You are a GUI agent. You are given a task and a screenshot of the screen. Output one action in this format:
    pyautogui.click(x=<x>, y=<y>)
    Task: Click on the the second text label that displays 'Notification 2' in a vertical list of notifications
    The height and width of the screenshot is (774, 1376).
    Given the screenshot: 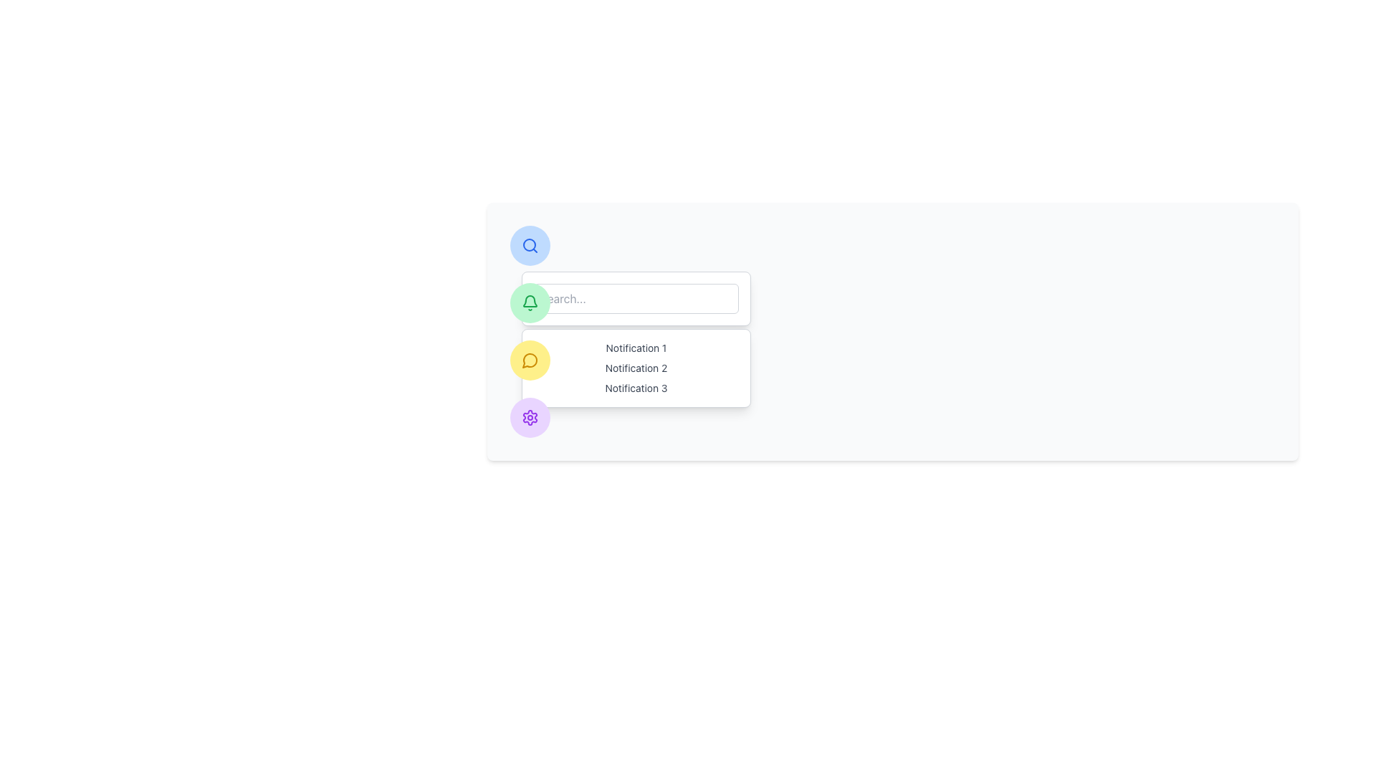 What is the action you would take?
    pyautogui.click(x=636, y=367)
    